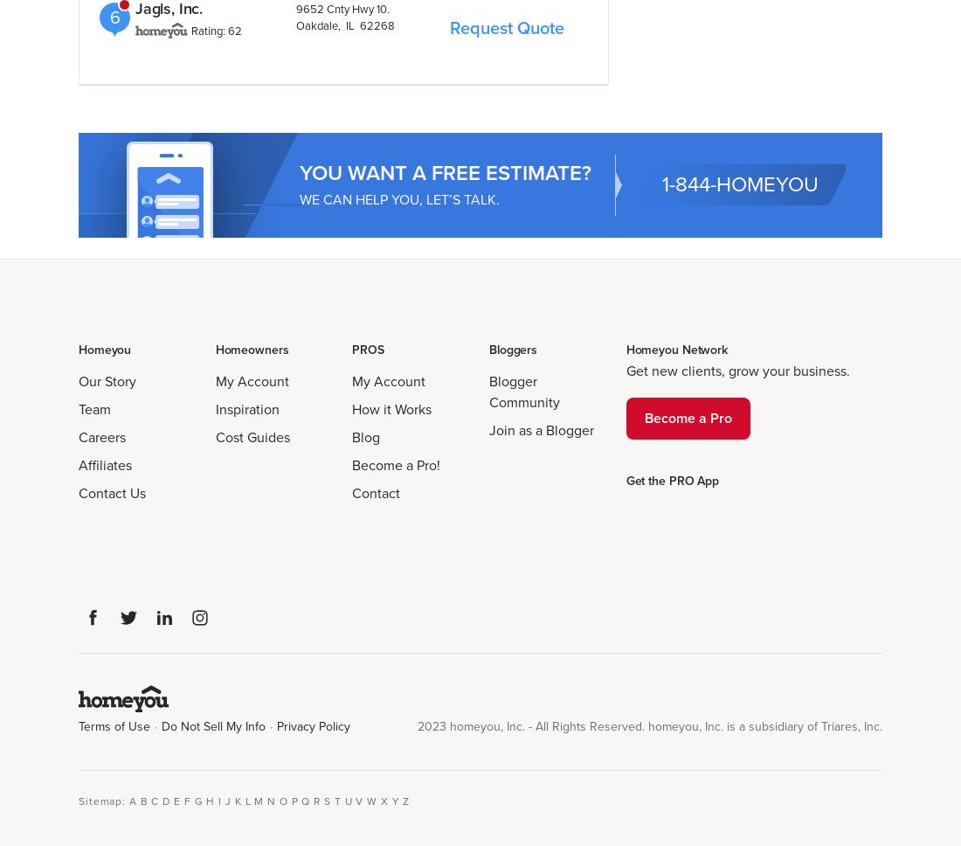 The width and height of the screenshot is (961, 846). What do you see at coordinates (391, 408) in the screenshot?
I see `'How it Works'` at bounding box center [391, 408].